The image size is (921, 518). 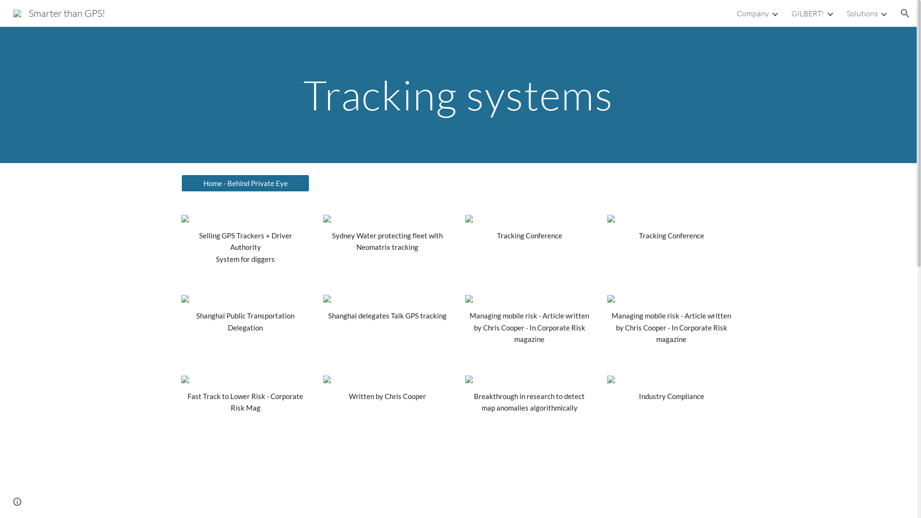 I want to click on 'Solutions', so click(x=862, y=13).